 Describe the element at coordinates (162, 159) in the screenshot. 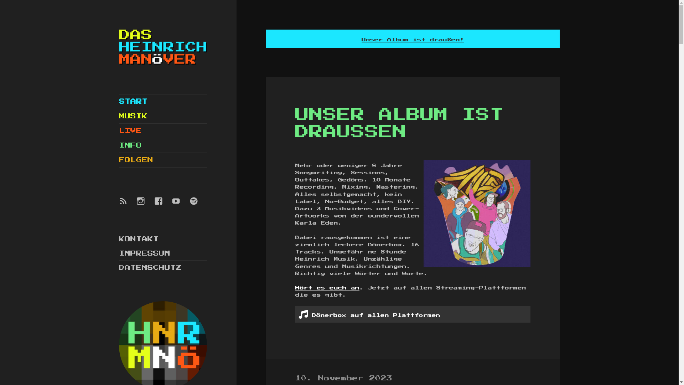

I see `'FOLGEN'` at that location.